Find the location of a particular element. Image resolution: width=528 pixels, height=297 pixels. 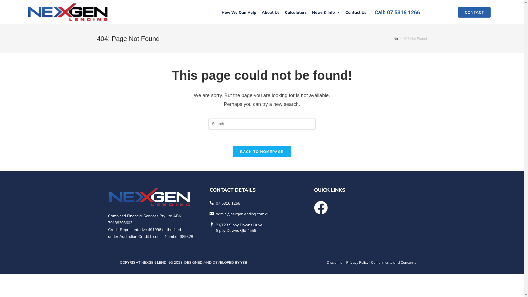

'How We Can Help' is located at coordinates (239, 12).